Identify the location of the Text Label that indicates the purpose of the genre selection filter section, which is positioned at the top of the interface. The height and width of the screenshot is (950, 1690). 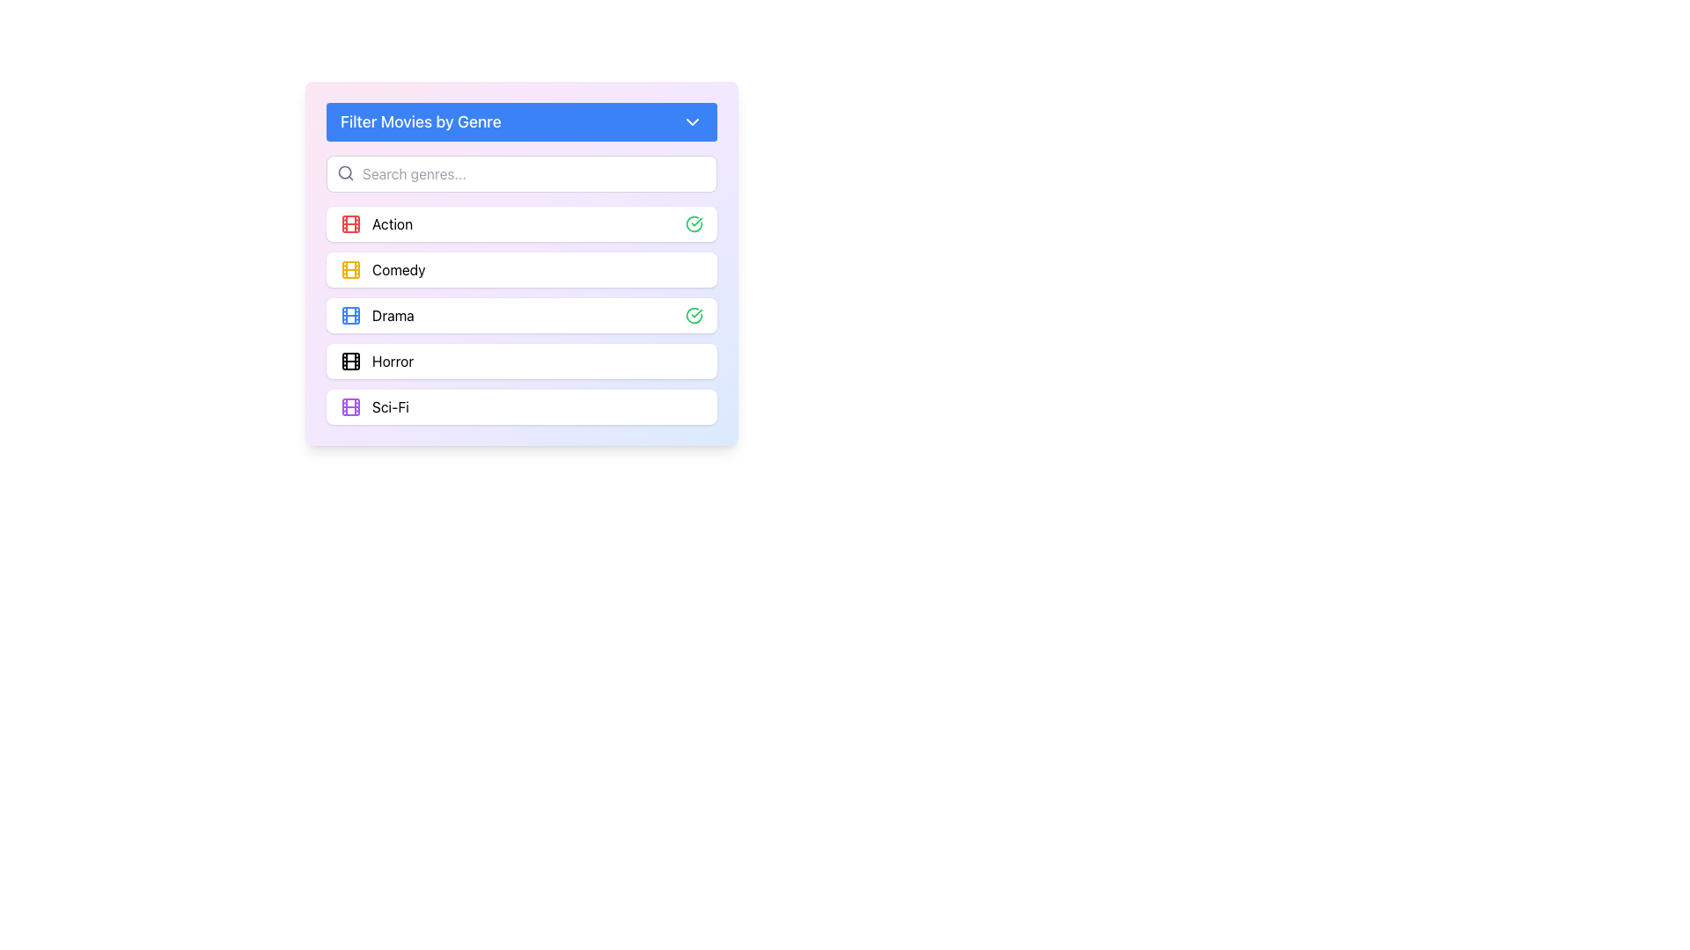
(420, 121).